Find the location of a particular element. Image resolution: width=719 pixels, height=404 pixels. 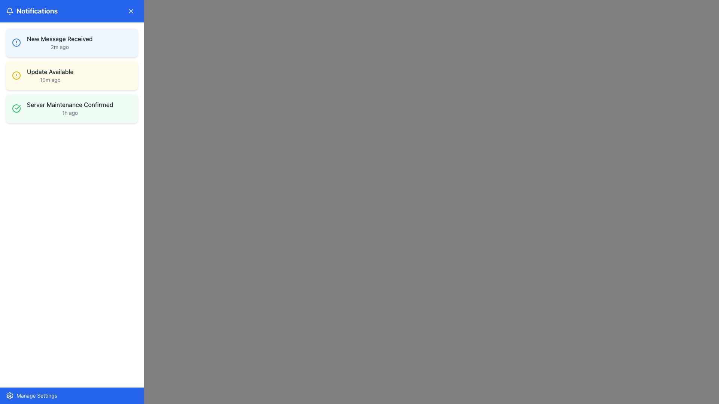

the yellow circular warning icon located in the leftmost position of the 'Update Available' notification panel is located at coordinates (16, 75).